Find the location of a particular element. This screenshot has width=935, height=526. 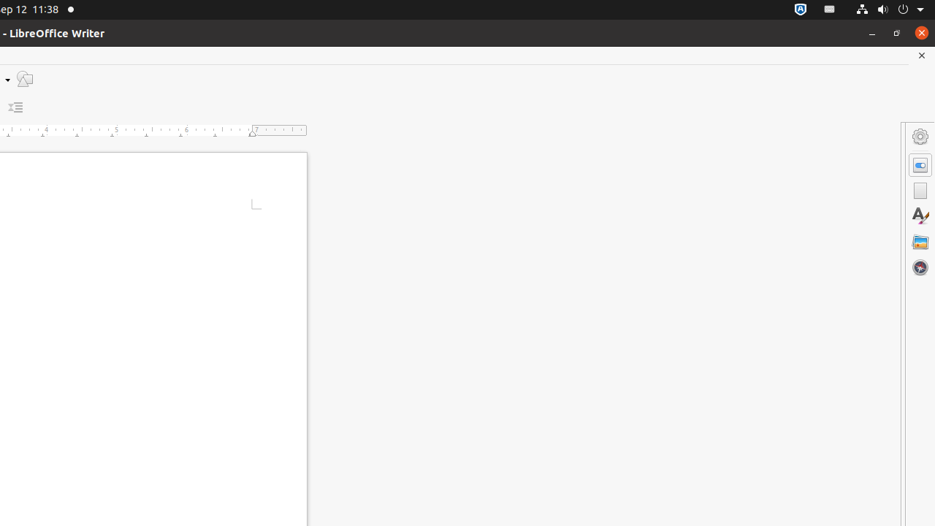

'Decrease' is located at coordinates (15, 107).